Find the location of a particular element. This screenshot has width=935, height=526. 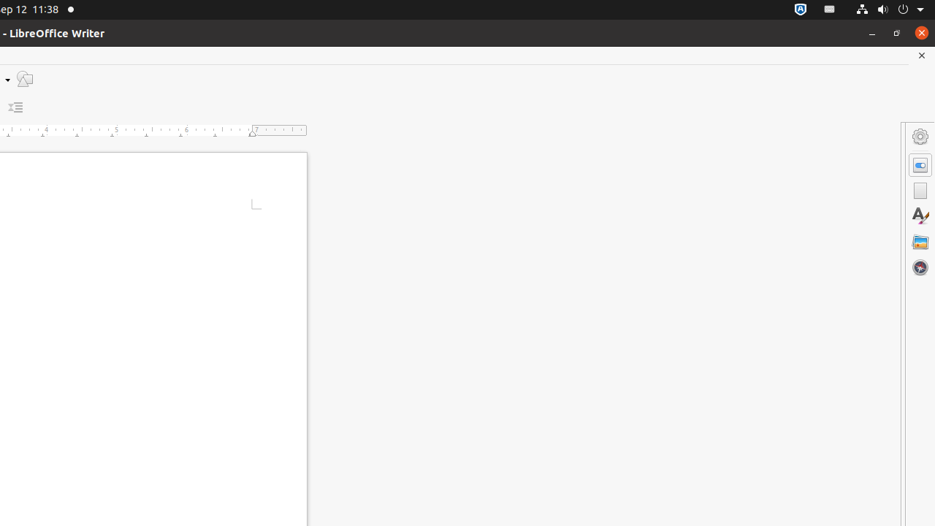

'Decrease' is located at coordinates (15, 107).